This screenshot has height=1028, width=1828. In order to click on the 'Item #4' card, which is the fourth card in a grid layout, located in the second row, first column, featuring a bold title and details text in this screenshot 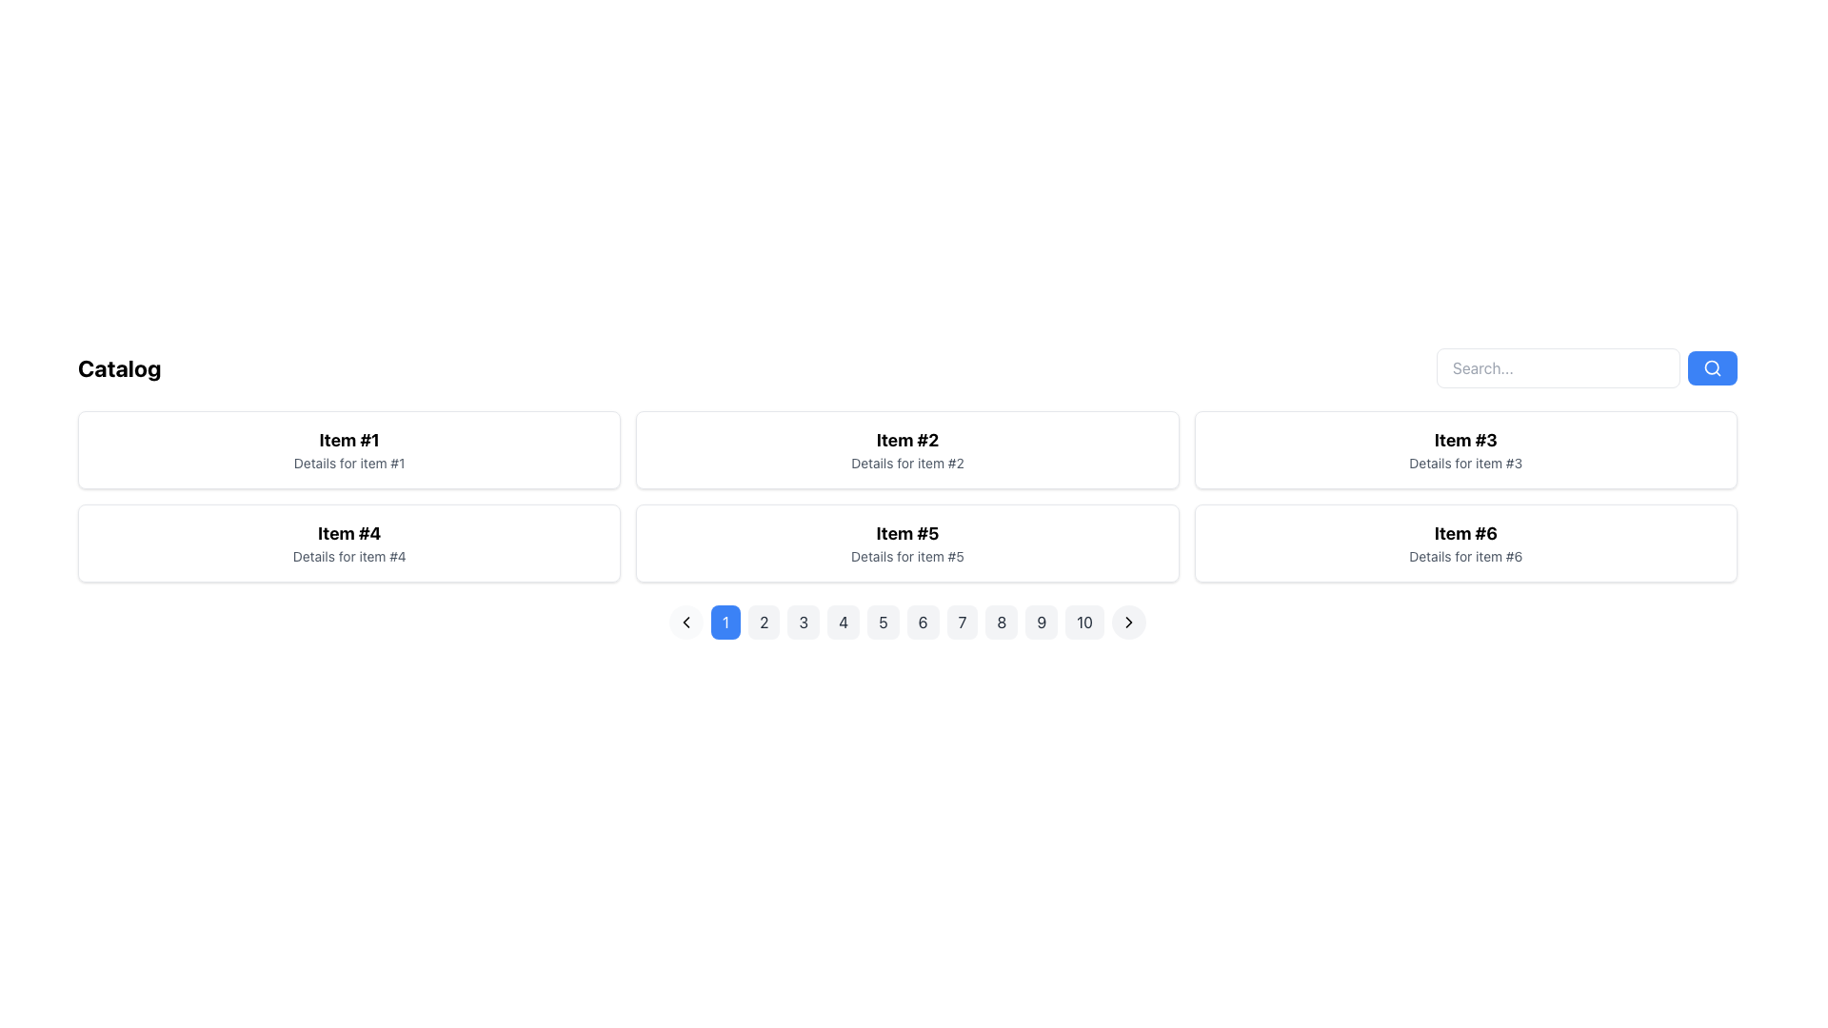, I will do `click(349, 543)`.